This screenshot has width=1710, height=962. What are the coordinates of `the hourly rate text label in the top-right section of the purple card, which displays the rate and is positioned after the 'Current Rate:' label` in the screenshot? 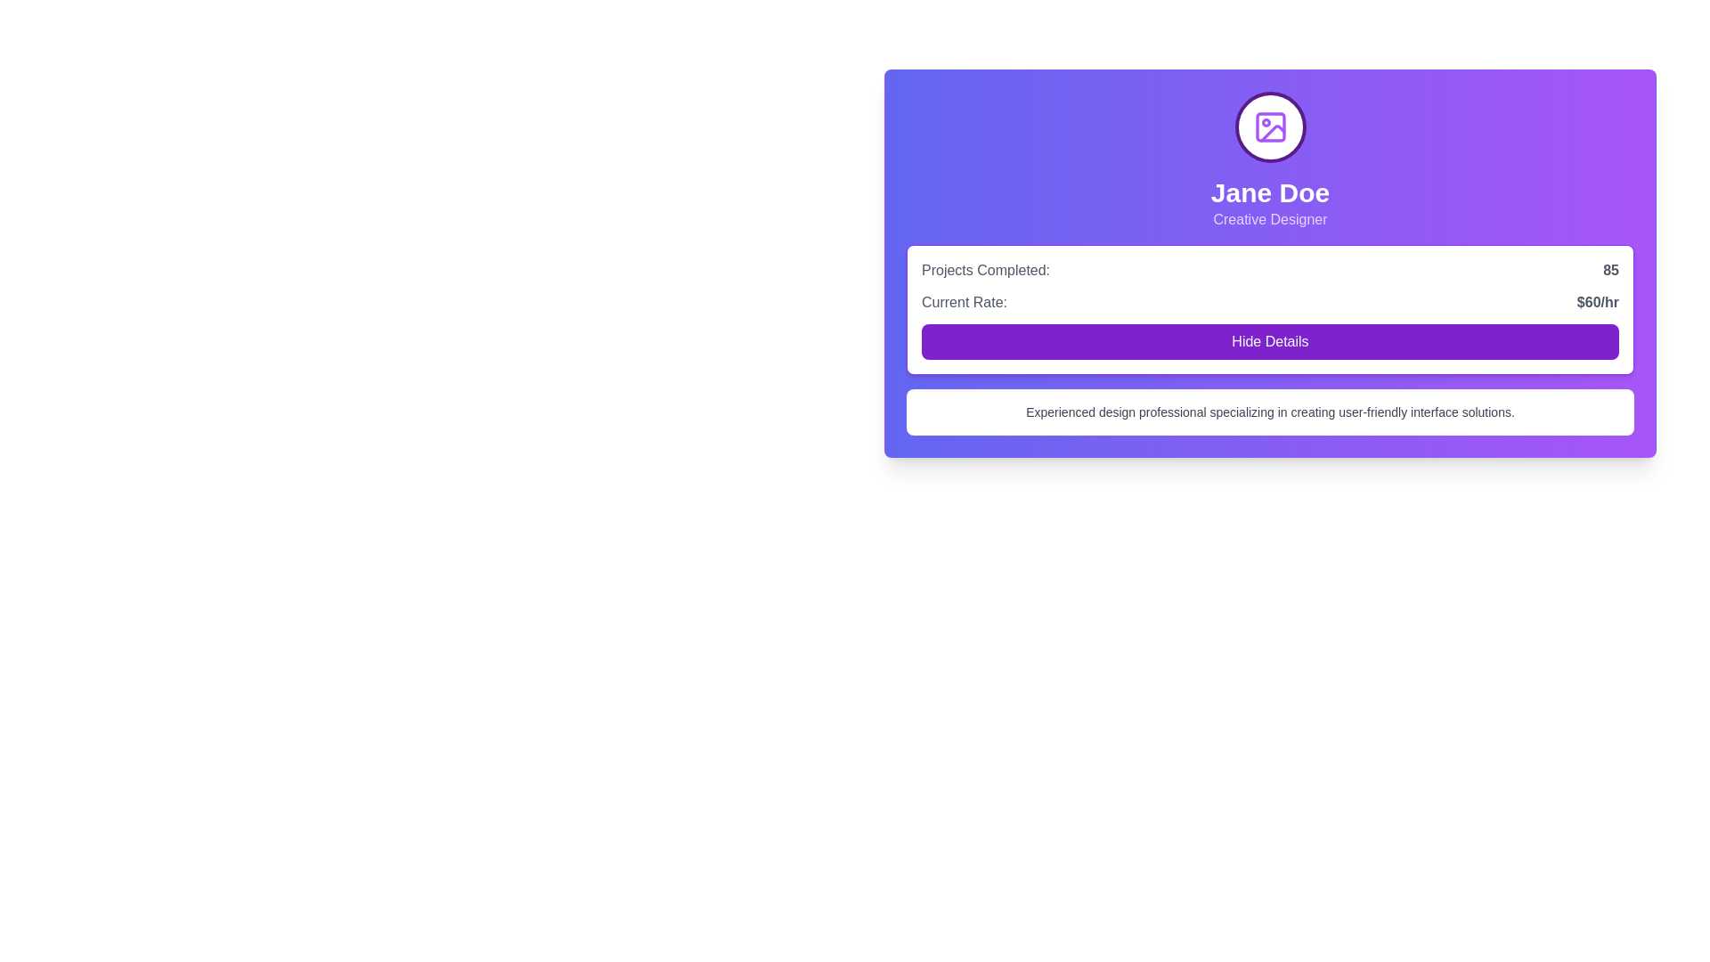 It's located at (1598, 301).